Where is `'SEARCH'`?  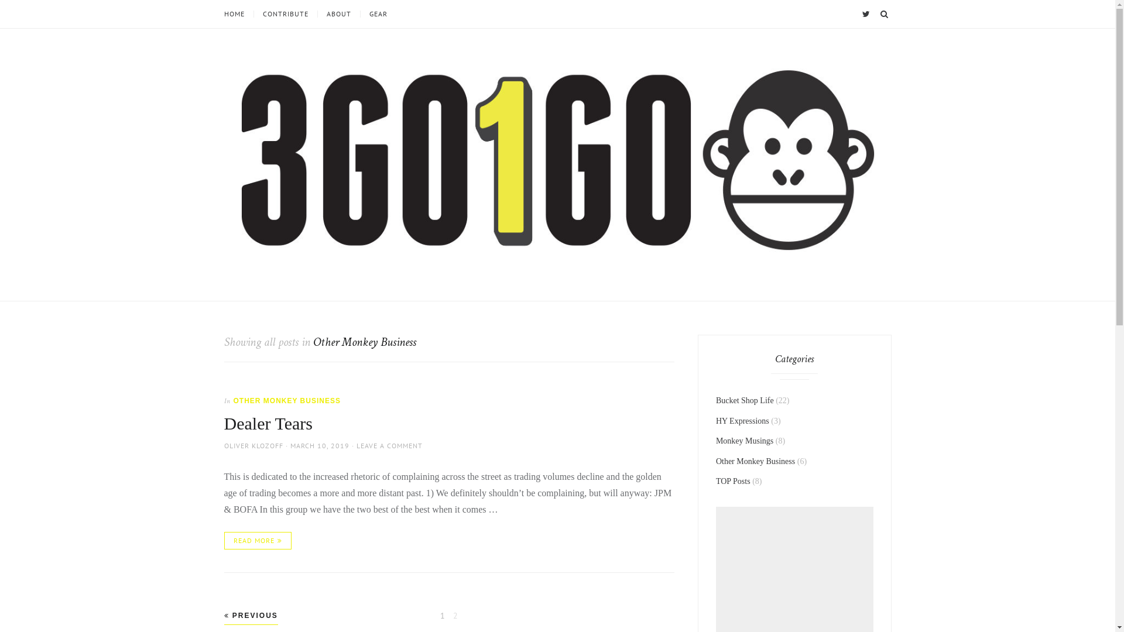
'SEARCH' is located at coordinates (876, 13).